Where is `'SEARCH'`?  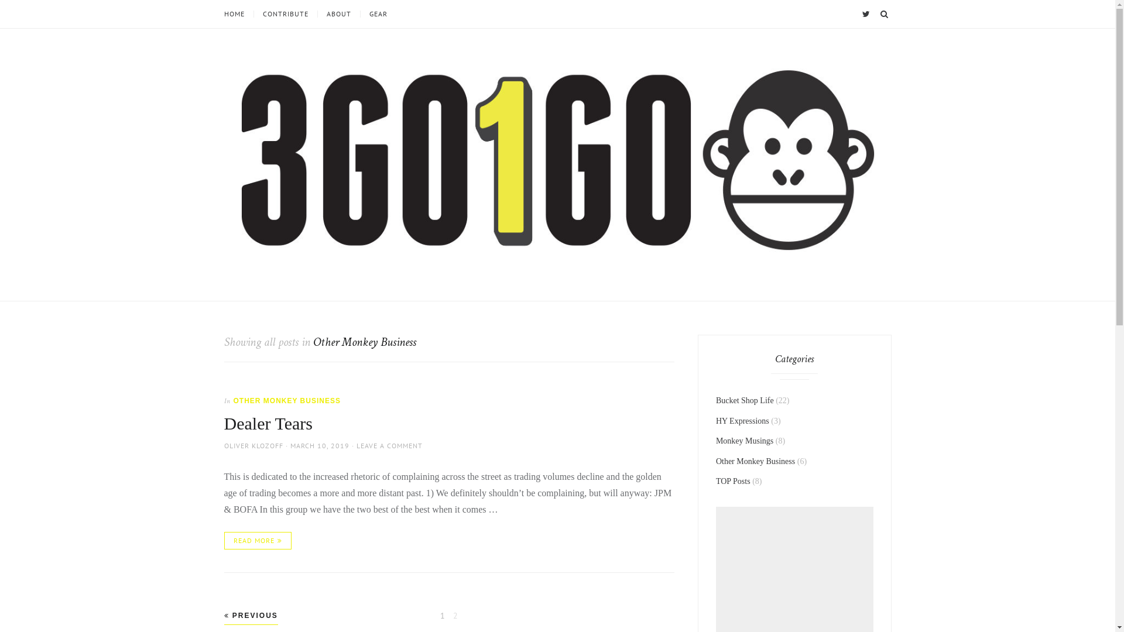
'SEARCH' is located at coordinates (876, 13).